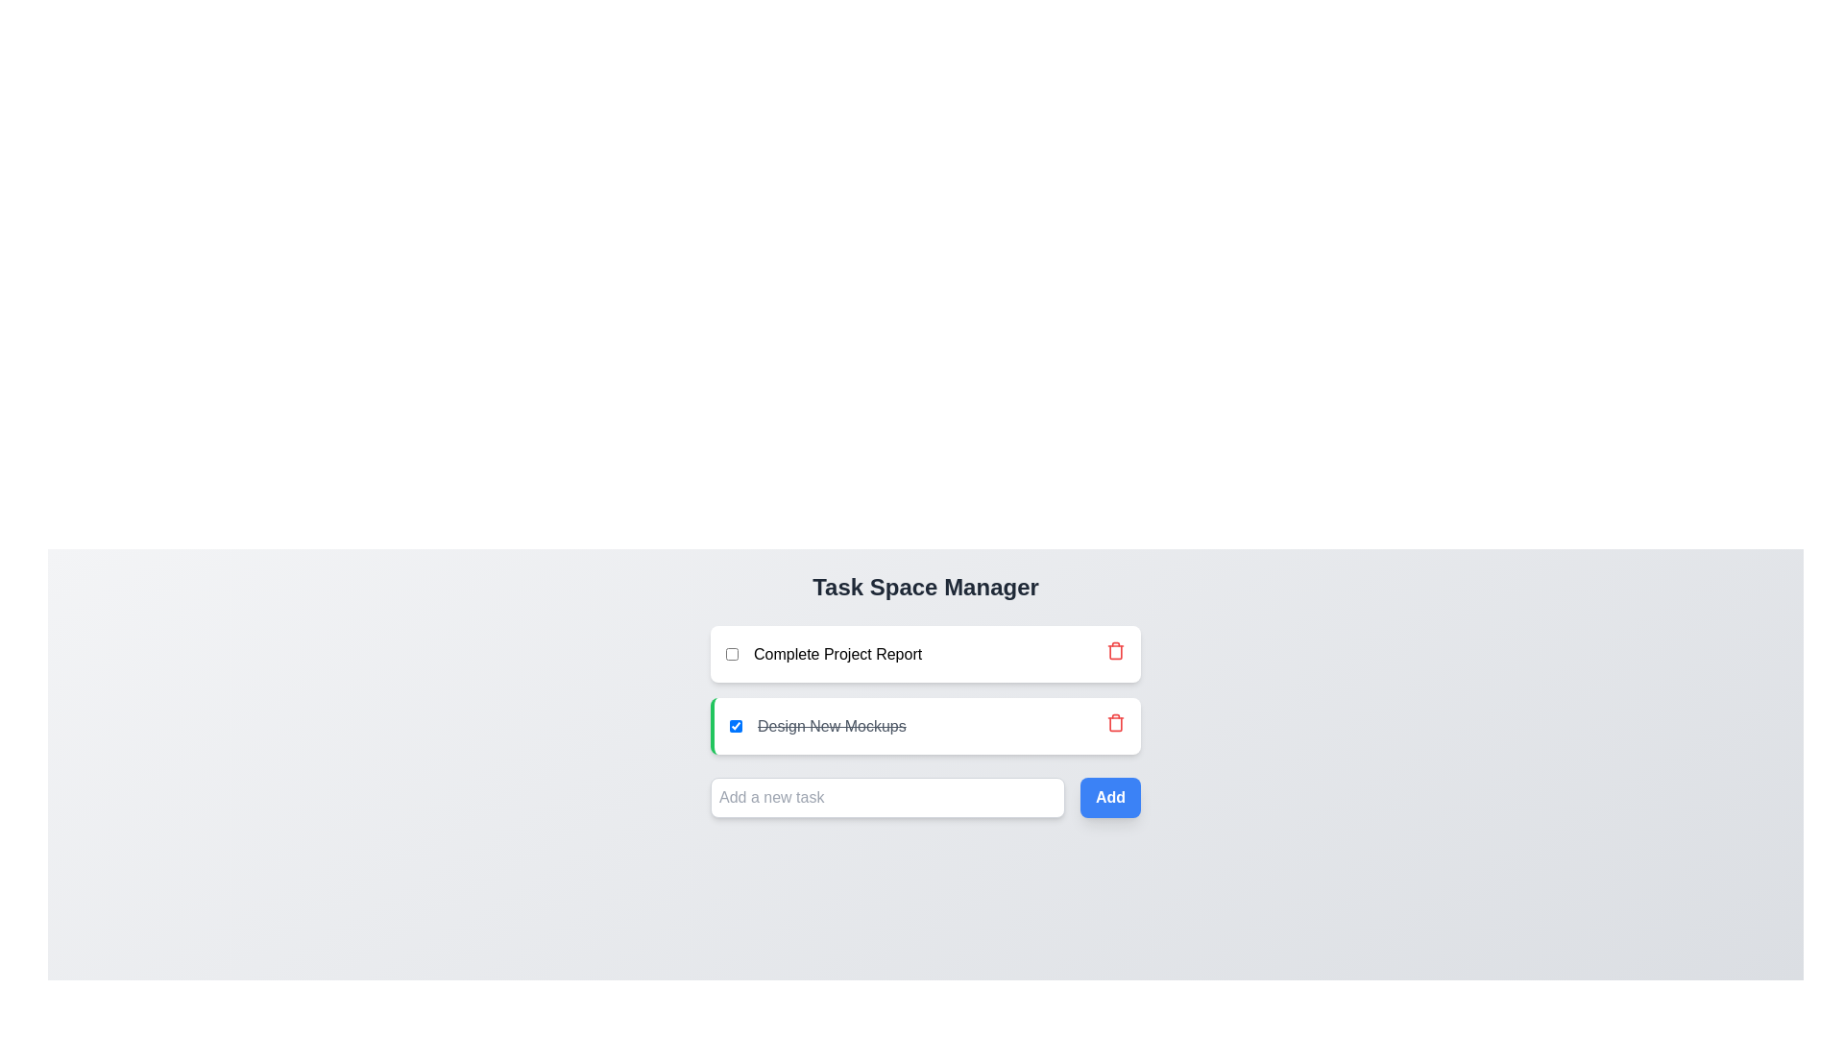 The height and width of the screenshot is (1037, 1844). What do you see at coordinates (1110, 797) in the screenshot?
I see `the 'Add Task' button located at the bottom-right corner of the task input field` at bounding box center [1110, 797].